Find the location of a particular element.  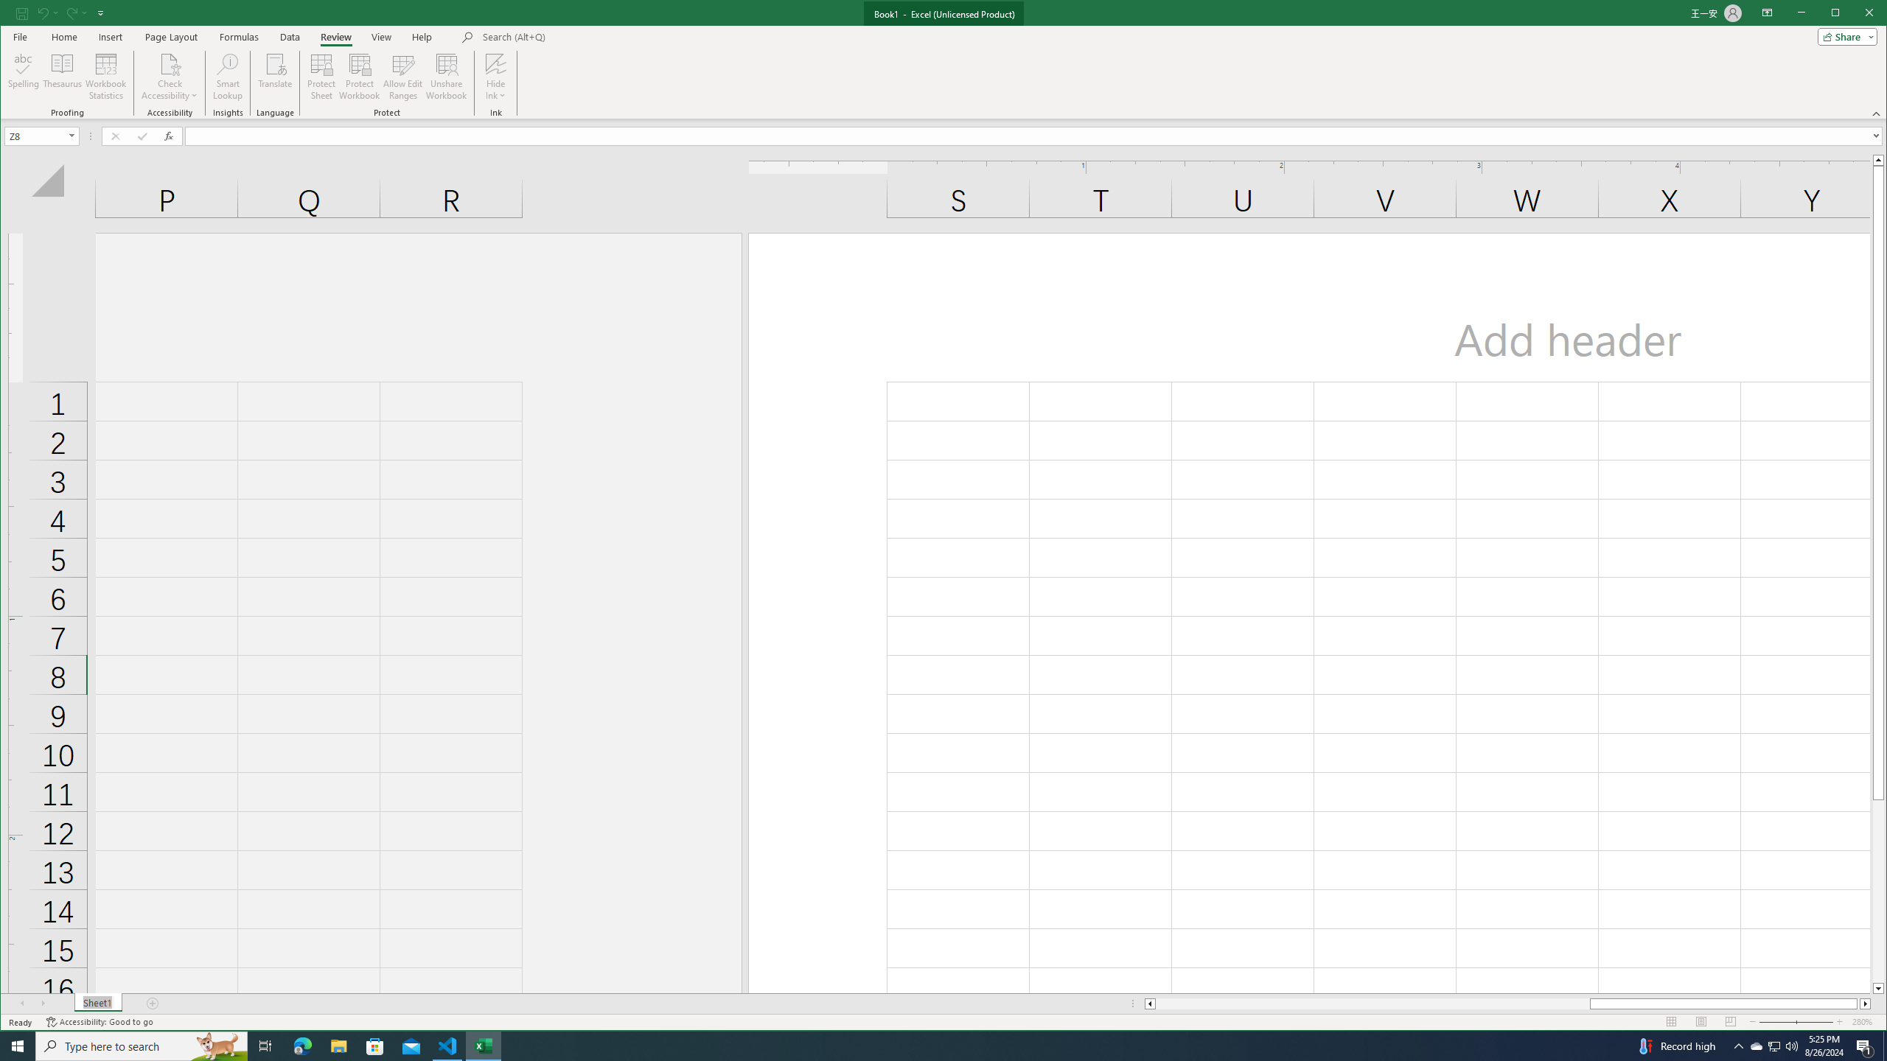

'Record high' is located at coordinates (1675, 1045).